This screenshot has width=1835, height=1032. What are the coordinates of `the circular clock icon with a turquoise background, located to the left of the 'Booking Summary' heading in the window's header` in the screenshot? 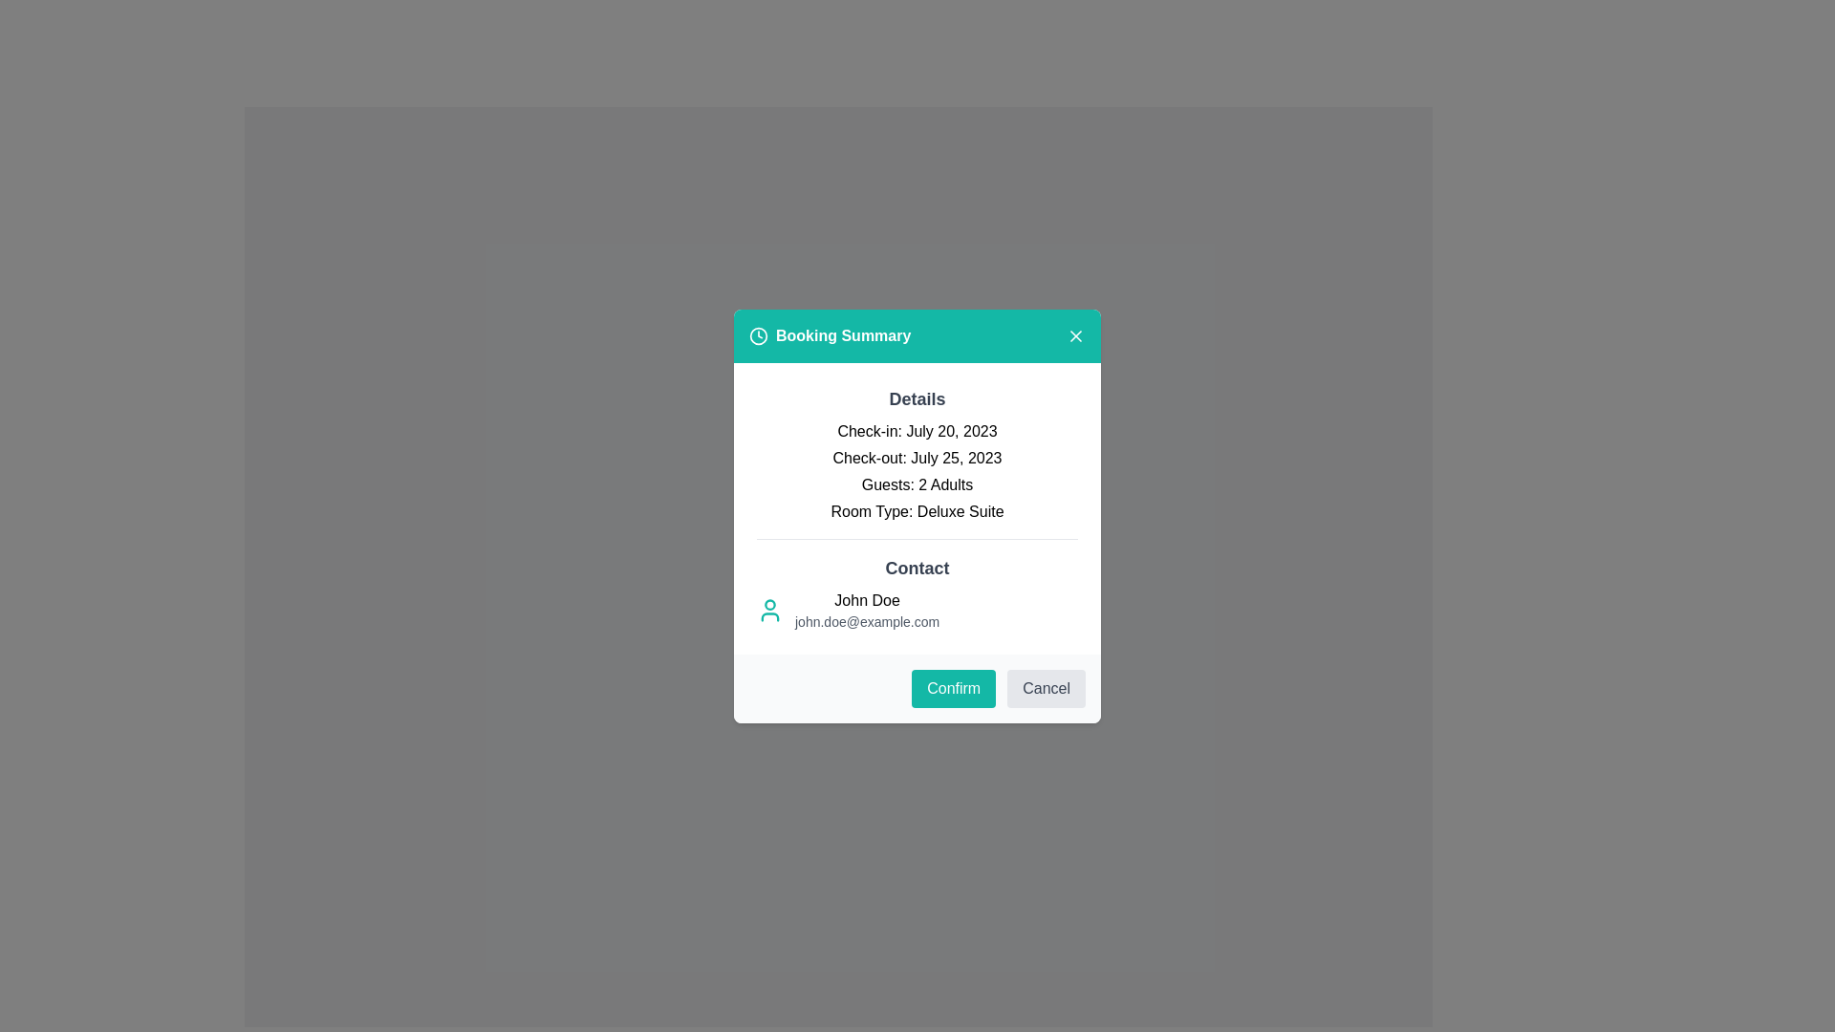 It's located at (757, 334).